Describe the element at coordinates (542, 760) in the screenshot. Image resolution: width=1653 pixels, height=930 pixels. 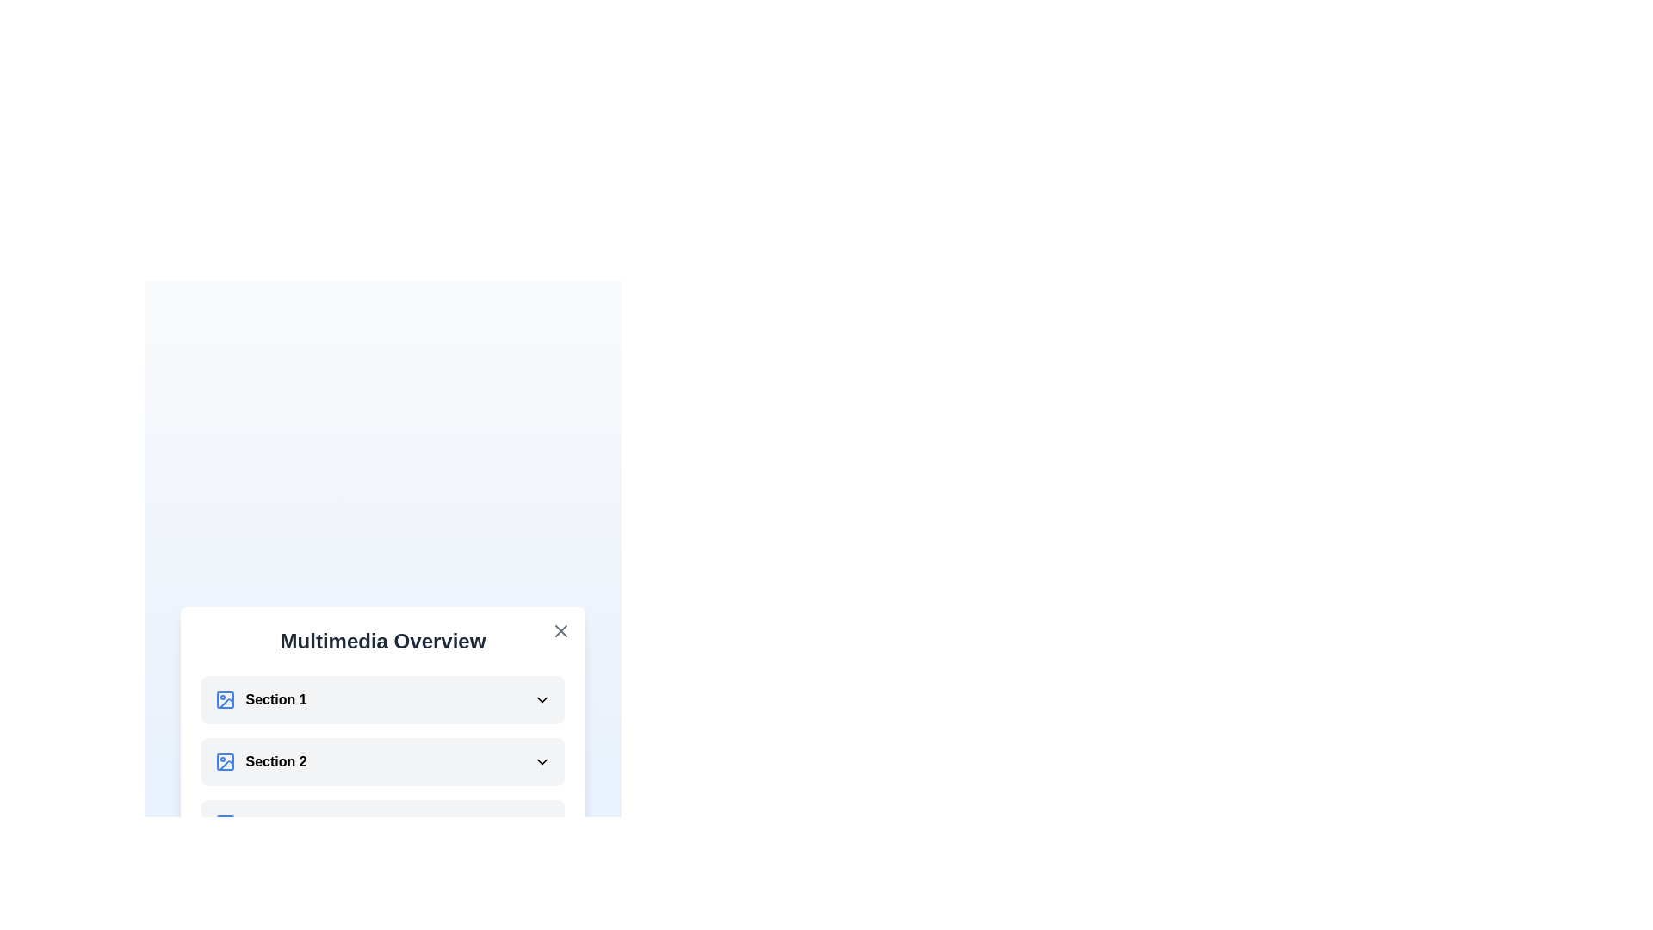
I see `the chevron button associated with 'Section 2'` at that location.